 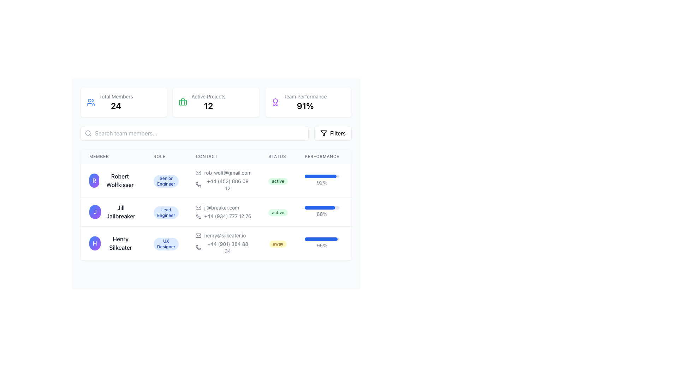 I want to click on the blue group of people icon that is positioned to the left of the 'Total Members' label and number, indicating its association with the displayed information, so click(x=90, y=102).